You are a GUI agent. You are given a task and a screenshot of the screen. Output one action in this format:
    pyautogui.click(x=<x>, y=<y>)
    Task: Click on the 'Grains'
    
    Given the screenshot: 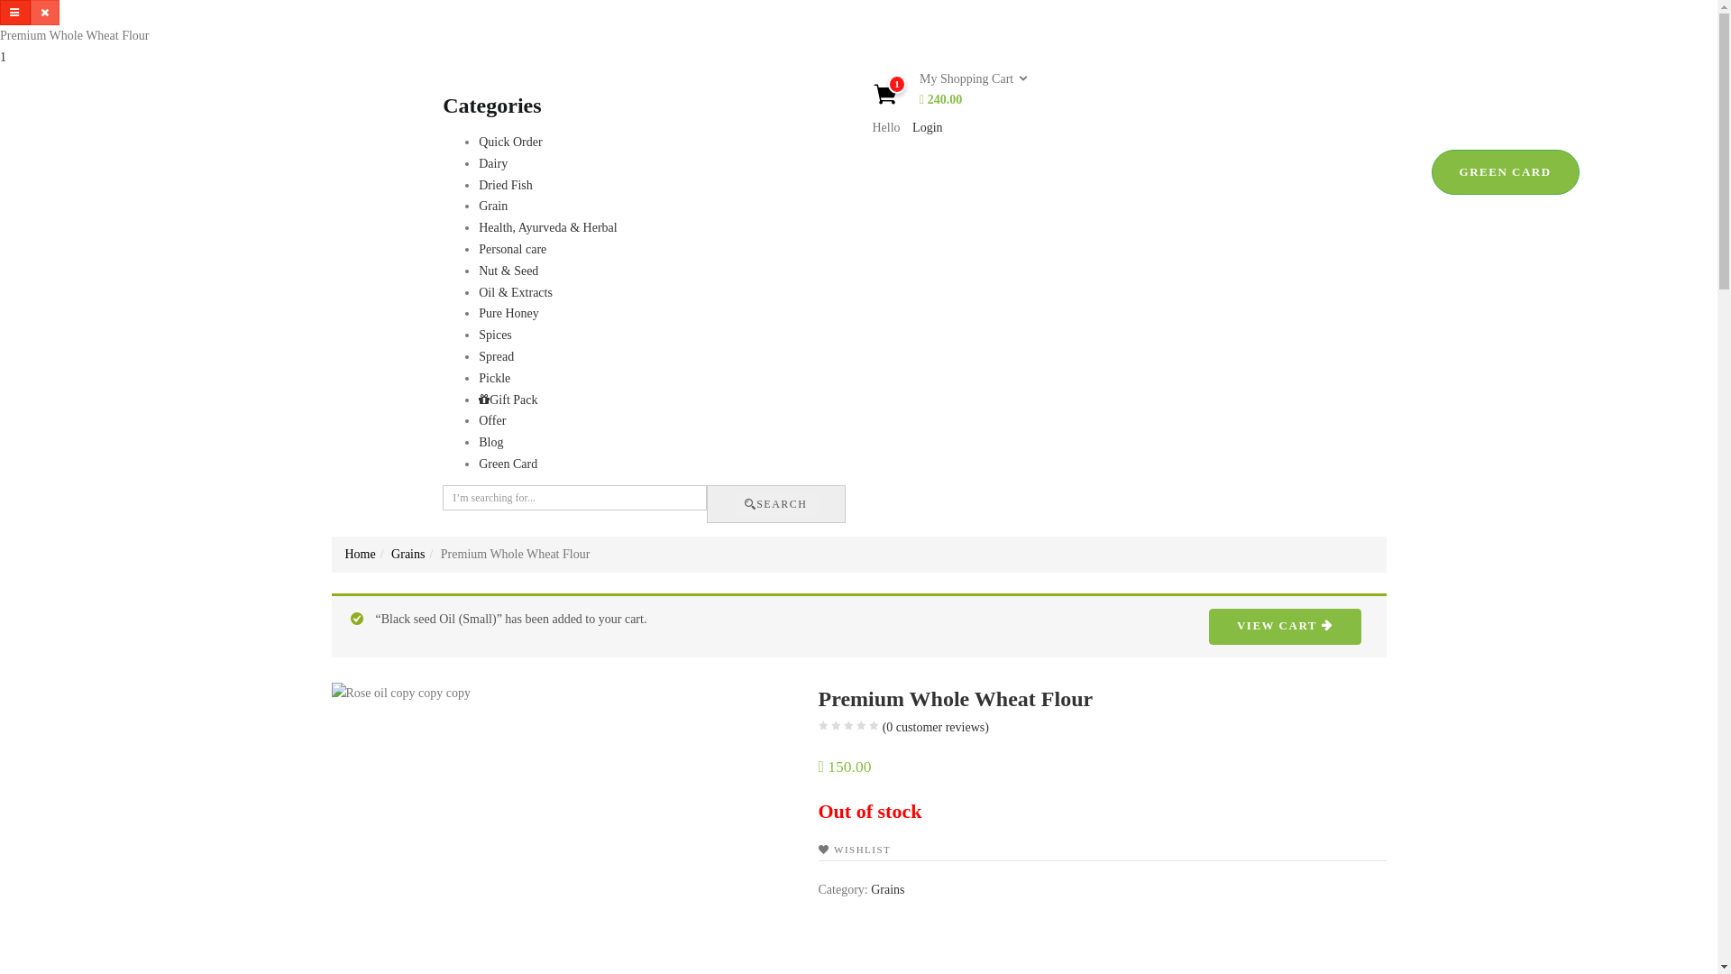 What is the action you would take?
    pyautogui.click(x=407, y=553)
    